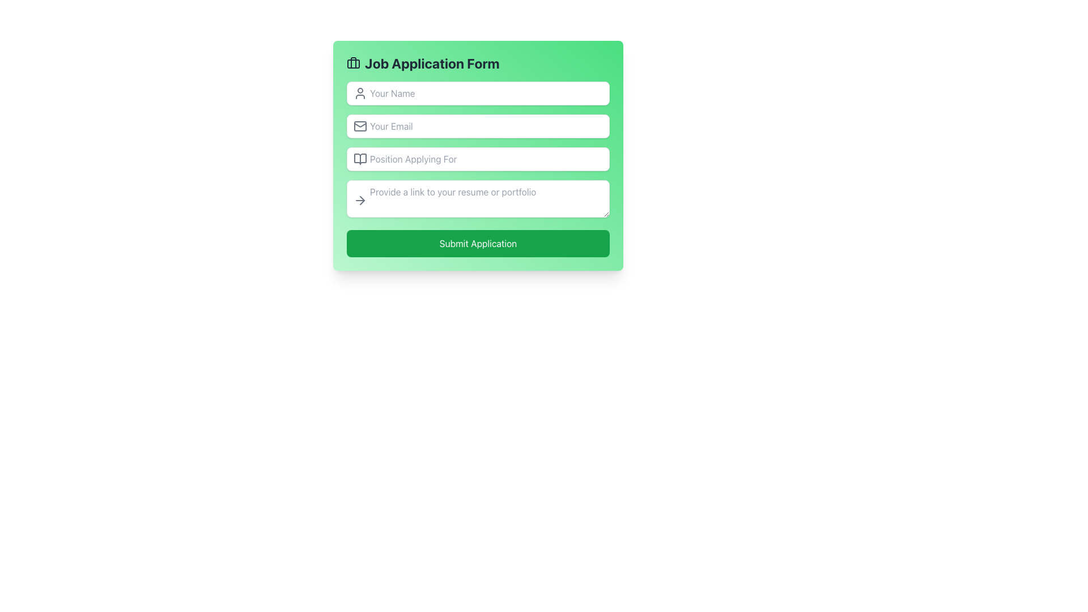  Describe the element at coordinates (359, 93) in the screenshot. I see `the user profile icon located to the left of the 'Your Name' input field` at that location.